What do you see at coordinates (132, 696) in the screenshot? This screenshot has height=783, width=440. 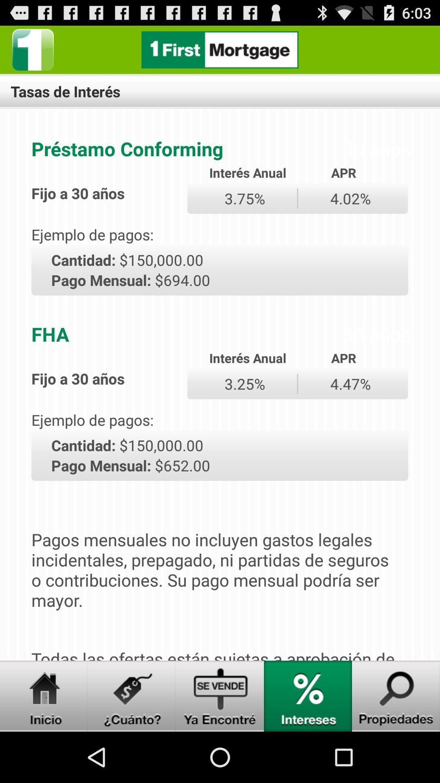 I see `show prices button` at bounding box center [132, 696].